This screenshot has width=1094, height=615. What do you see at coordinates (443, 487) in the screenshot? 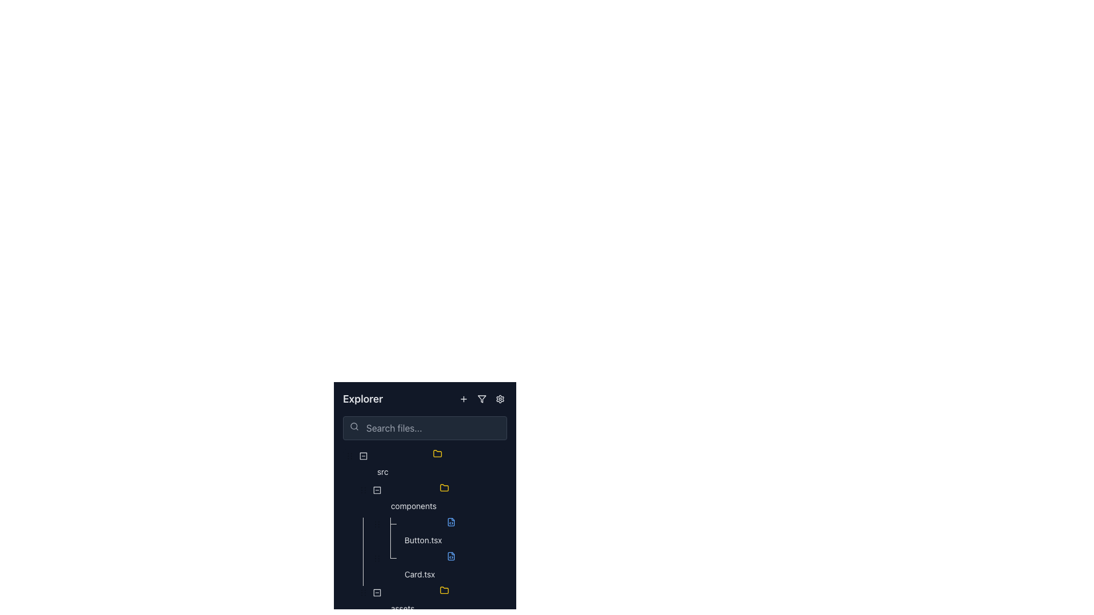
I see `the yellow folder icon located in the file explorer sidebar under the 'src' directory` at bounding box center [443, 487].